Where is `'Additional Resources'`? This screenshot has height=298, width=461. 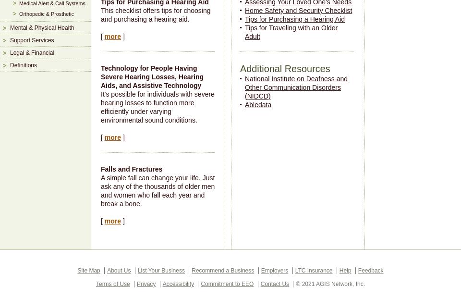
'Additional Resources' is located at coordinates (285, 68).